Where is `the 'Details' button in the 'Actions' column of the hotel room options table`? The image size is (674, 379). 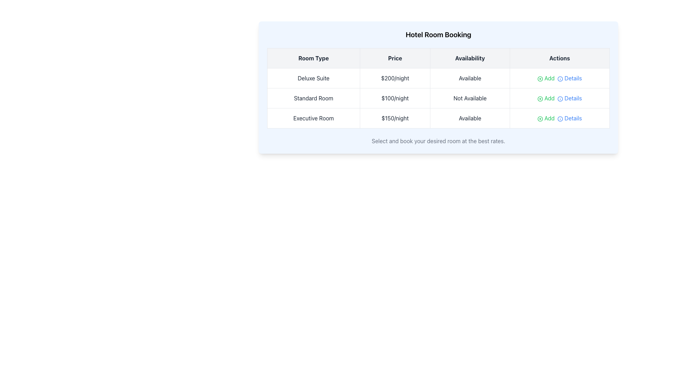
the 'Details' button in the 'Actions' column of the hotel room options table is located at coordinates (569, 78).